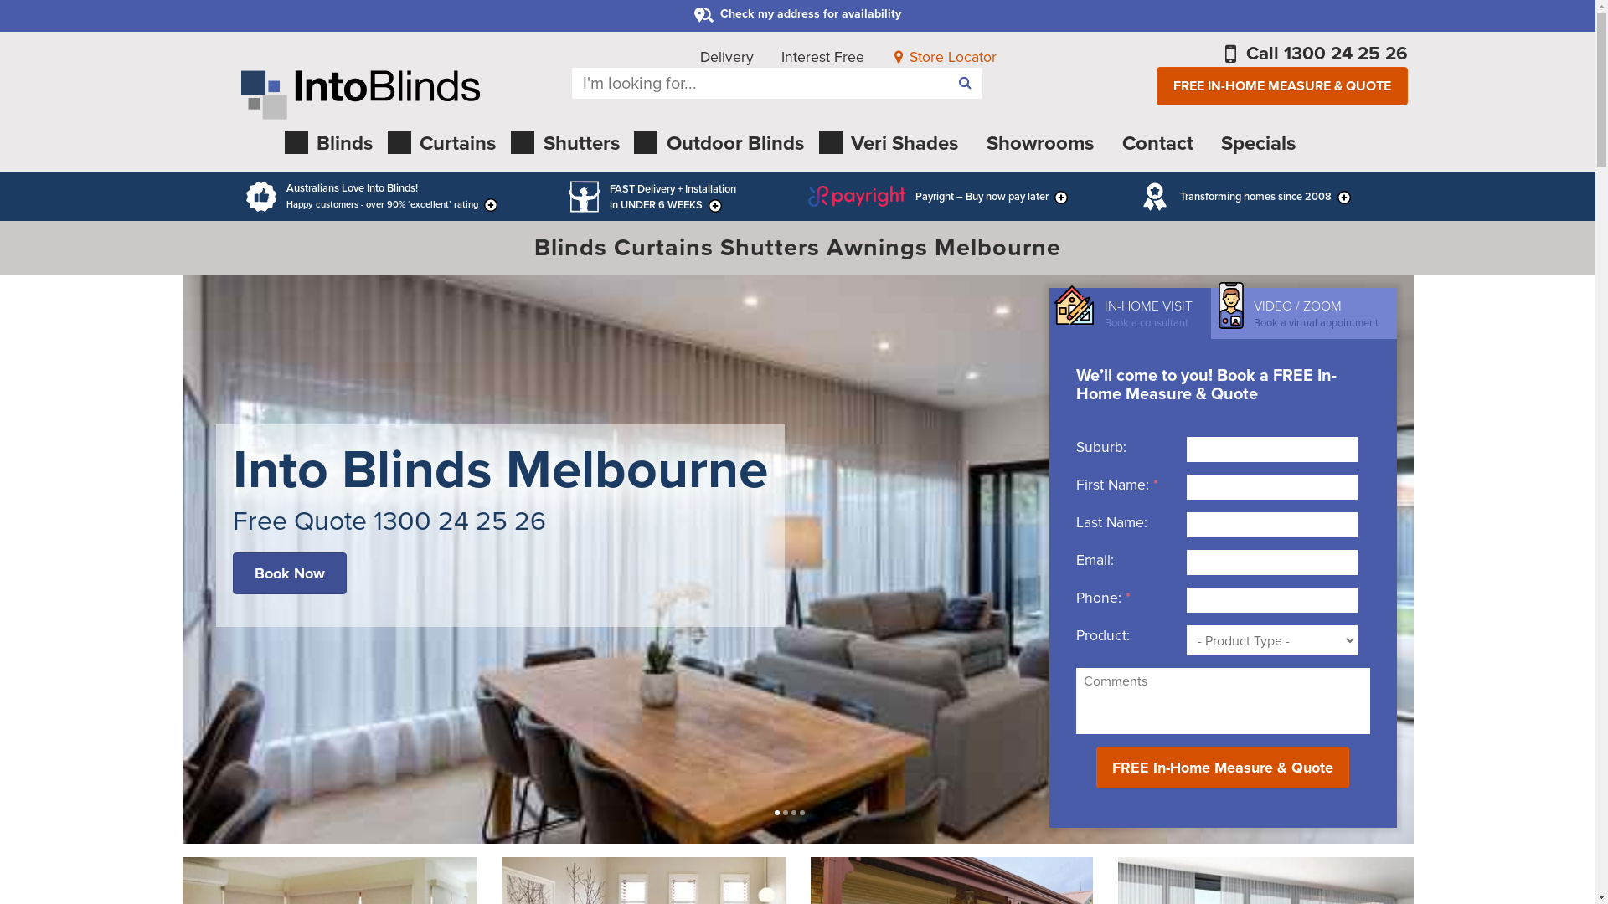  I want to click on 'VIDEO / ZOOM, so click(1302, 313).